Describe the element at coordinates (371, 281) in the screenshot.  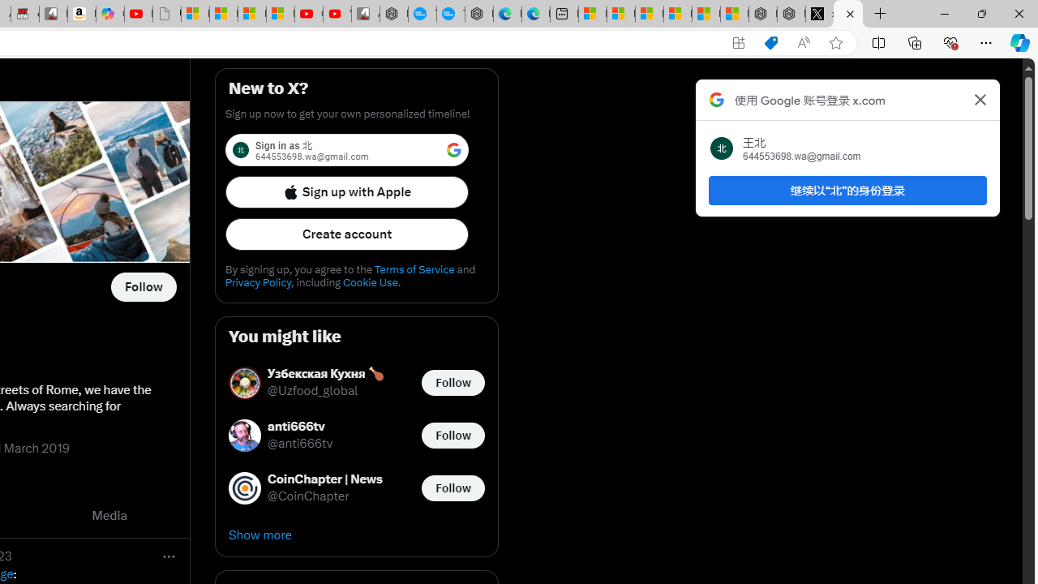
I see `'Cookie Use.'` at that location.